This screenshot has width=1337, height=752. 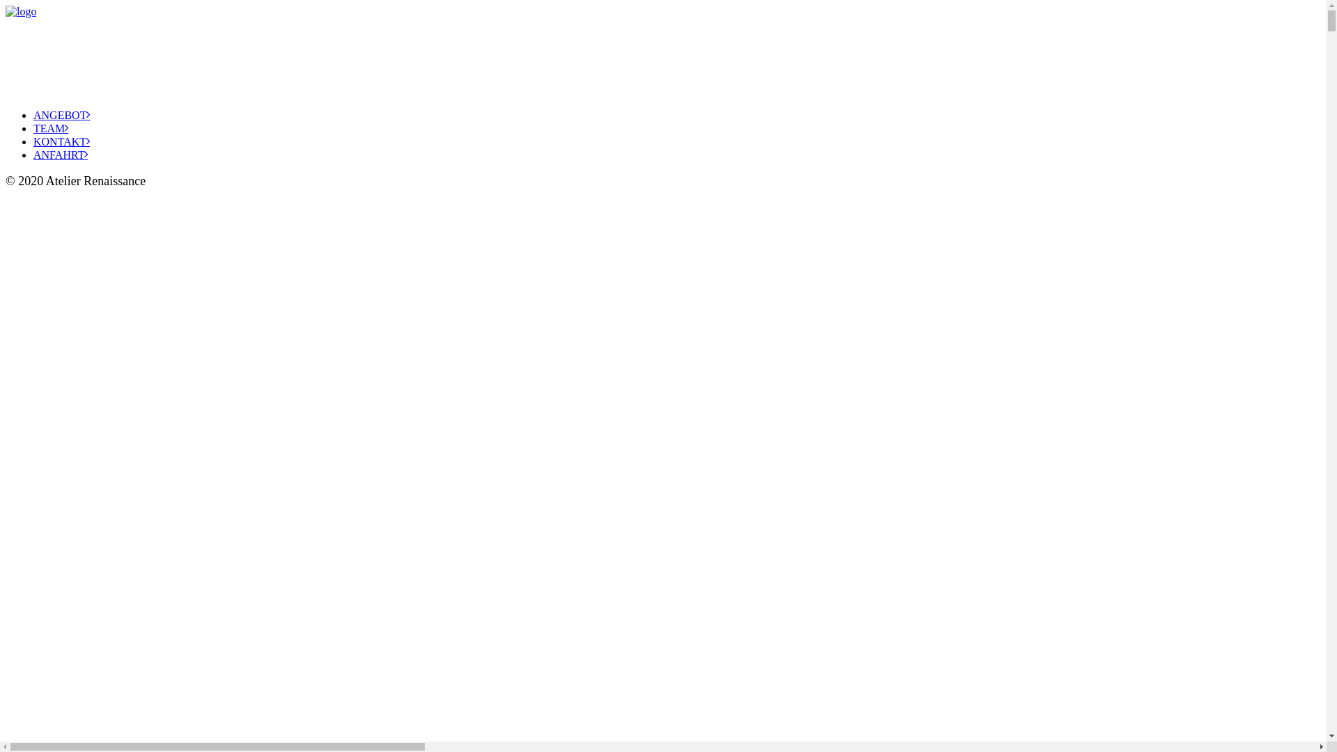 I want to click on 'TEAM', so click(x=50, y=128).